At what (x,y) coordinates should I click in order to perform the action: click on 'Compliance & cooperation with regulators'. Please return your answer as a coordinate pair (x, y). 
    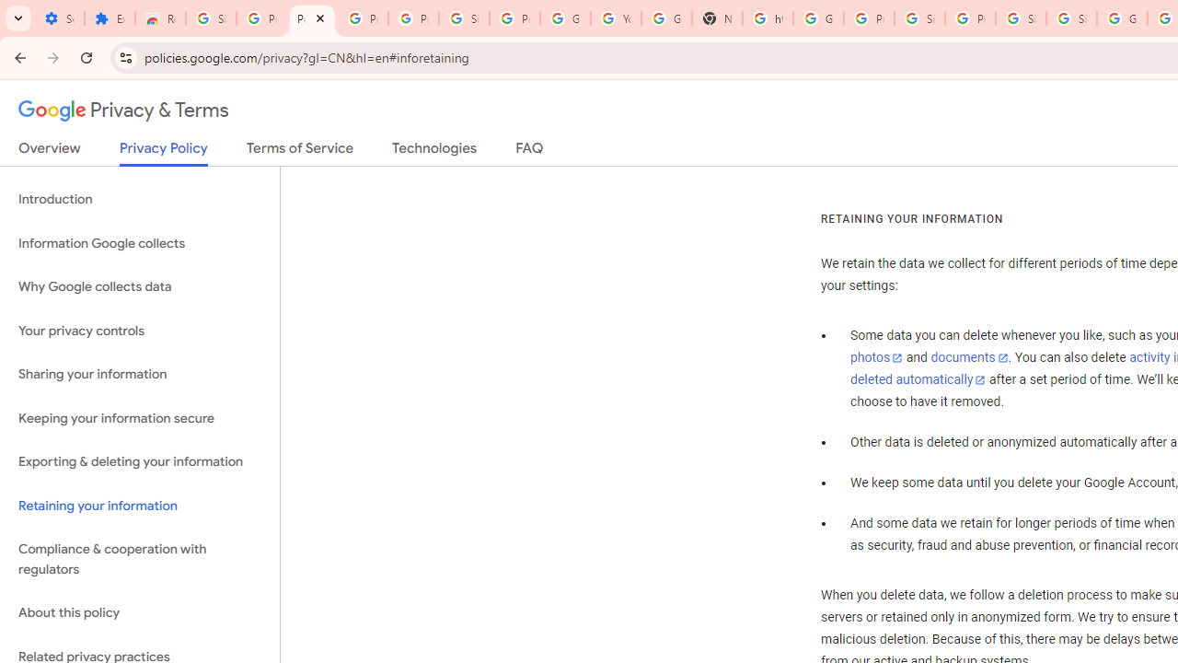
    Looking at the image, I should click on (139, 559).